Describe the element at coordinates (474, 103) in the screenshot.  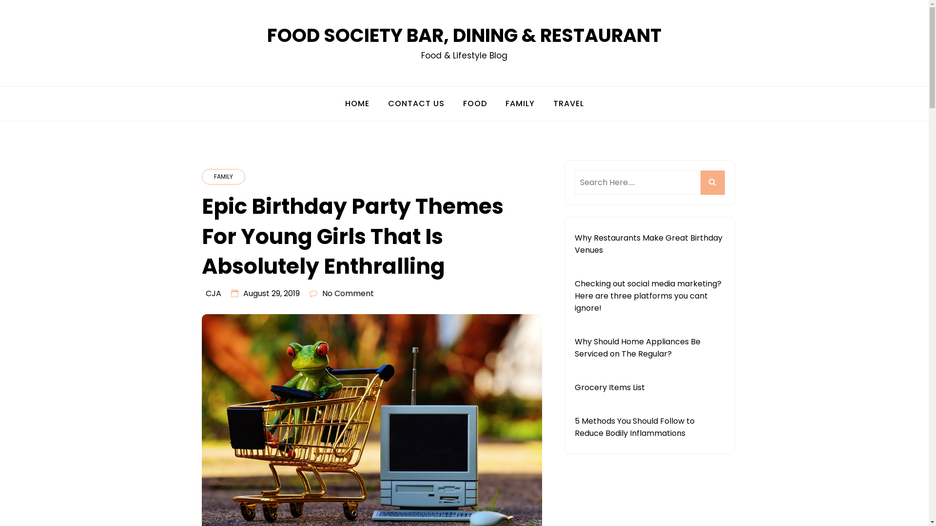
I see `'FOOD'` at that location.